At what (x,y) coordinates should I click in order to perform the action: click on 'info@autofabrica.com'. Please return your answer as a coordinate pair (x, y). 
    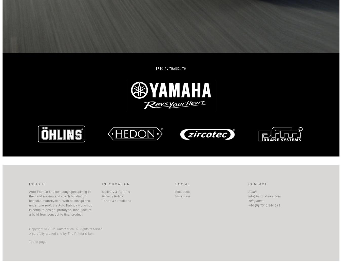
    Looking at the image, I should click on (264, 196).